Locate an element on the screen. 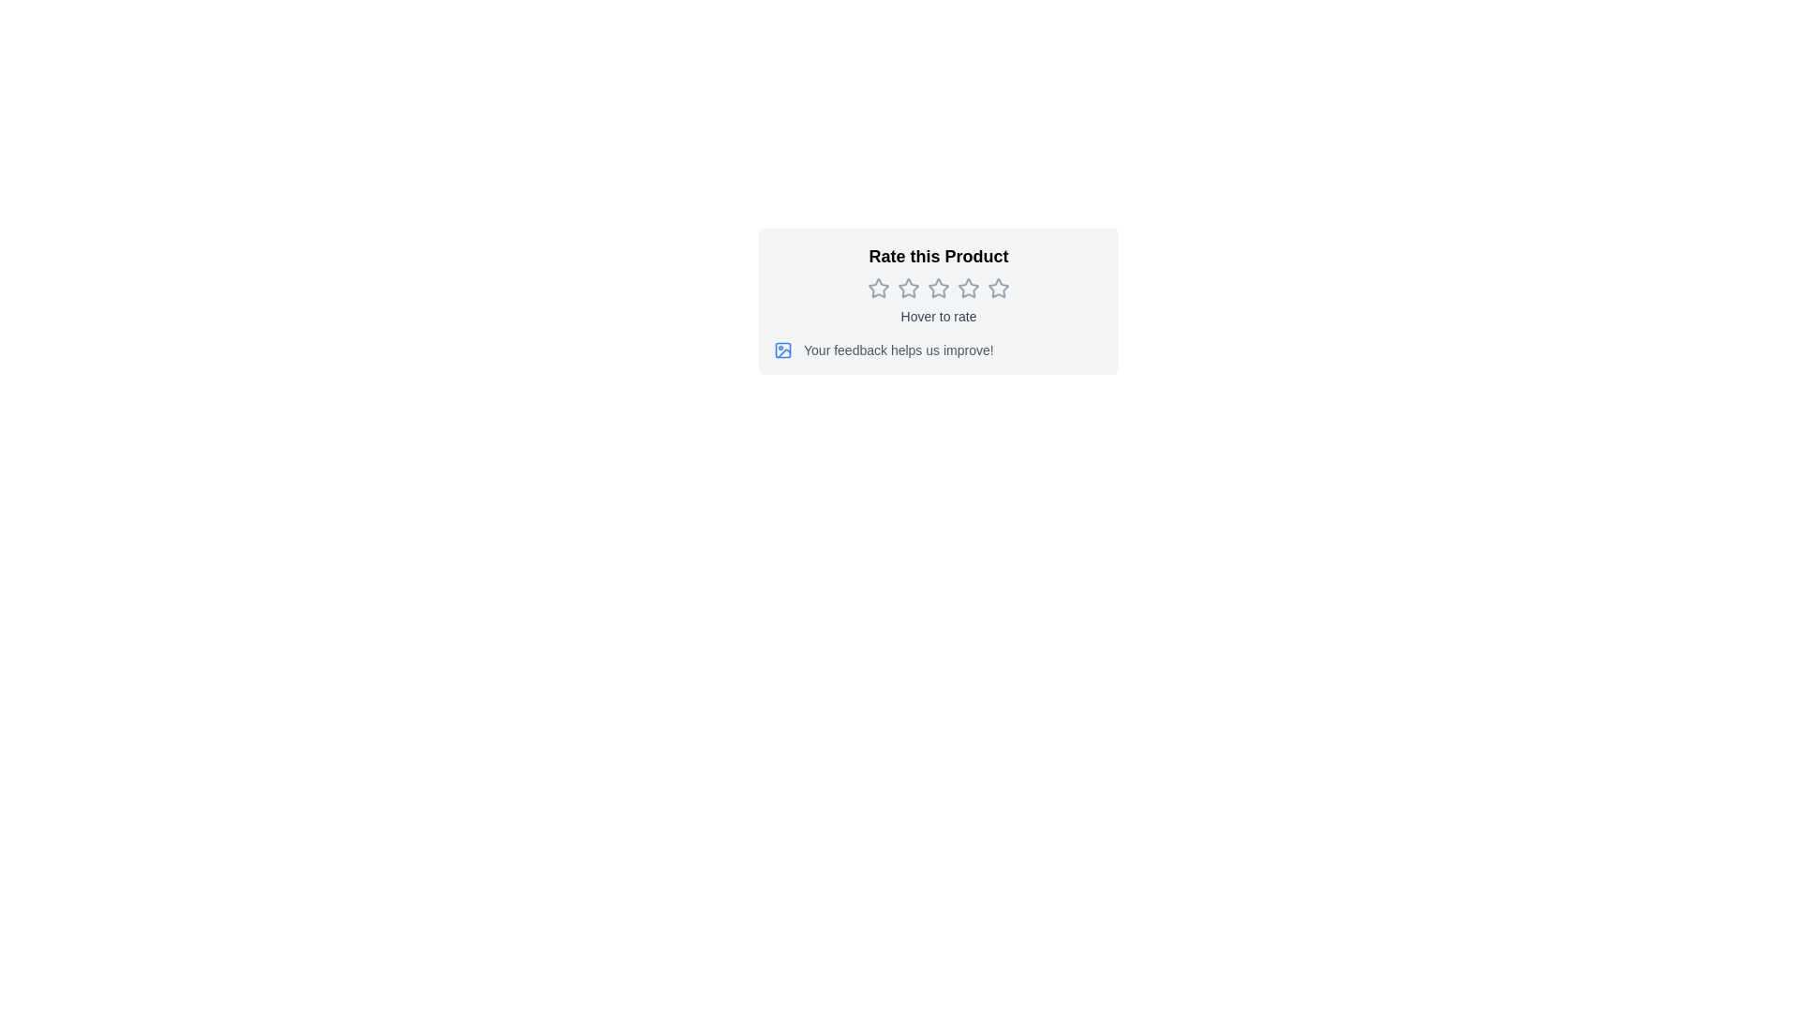 This screenshot has height=1012, width=1799. the 5th star is located at coordinates (997, 289).